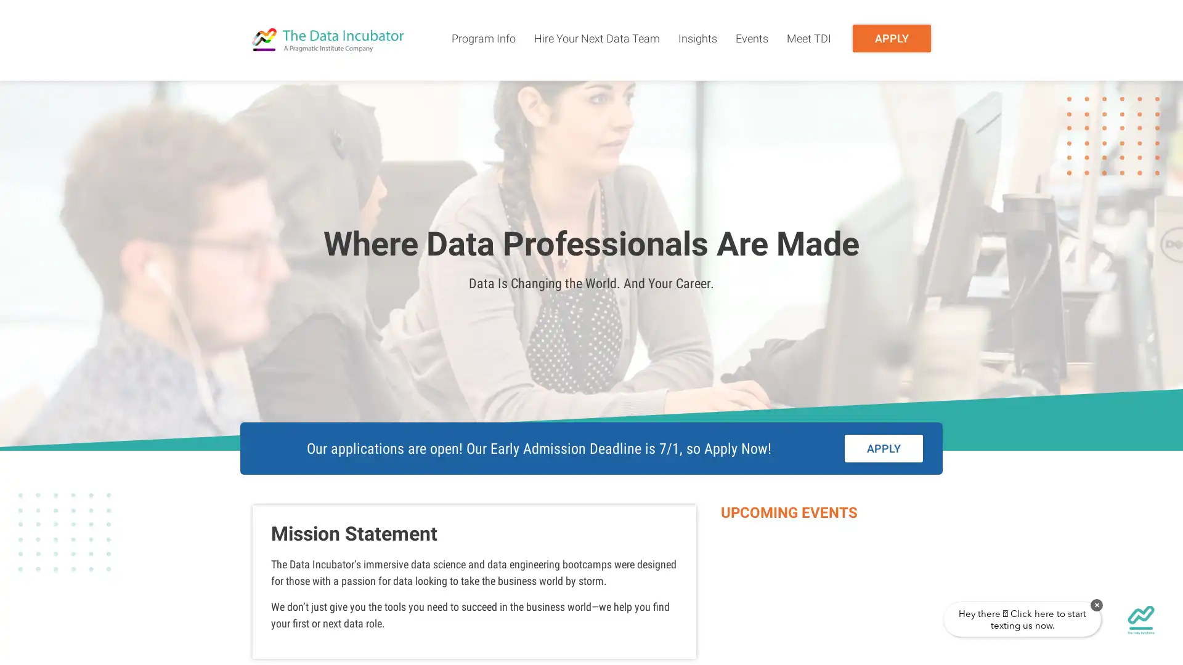  What do you see at coordinates (883, 448) in the screenshot?
I see `APPLY` at bounding box center [883, 448].